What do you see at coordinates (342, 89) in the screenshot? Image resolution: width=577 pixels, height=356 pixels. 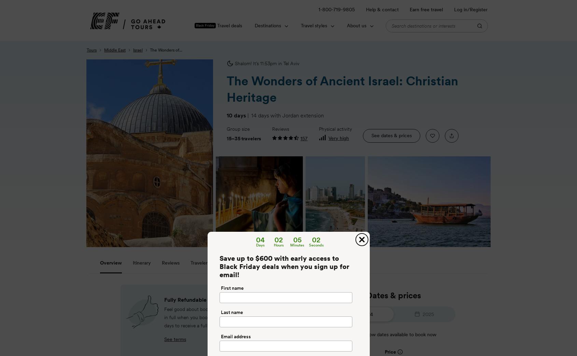 I see `'The Wonders of Ancient Israel: Christian Heritage'` at bounding box center [342, 89].